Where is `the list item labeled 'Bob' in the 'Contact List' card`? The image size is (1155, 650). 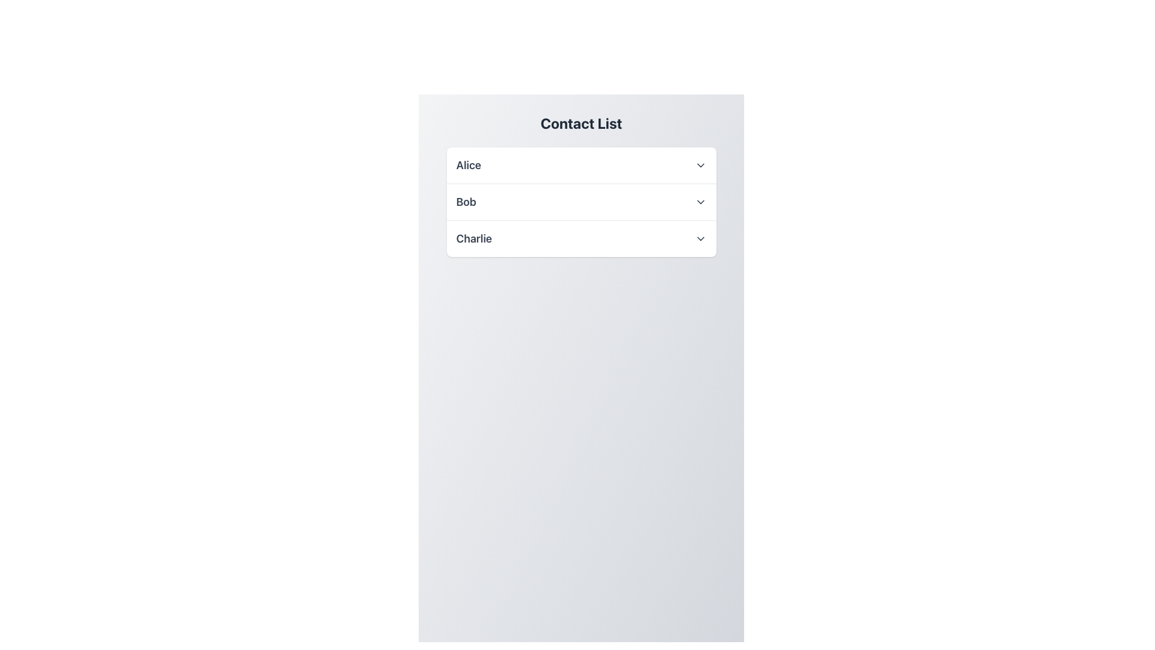
the list item labeled 'Bob' in the 'Contact List' card is located at coordinates (581, 201).